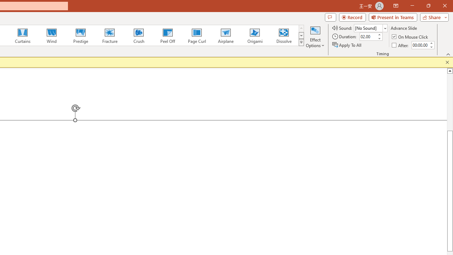 Image resolution: width=453 pixels, height=255 pixels. Describe the element at coordinates (138, 35) in the screenshot. I see `'Crush'` at that location.